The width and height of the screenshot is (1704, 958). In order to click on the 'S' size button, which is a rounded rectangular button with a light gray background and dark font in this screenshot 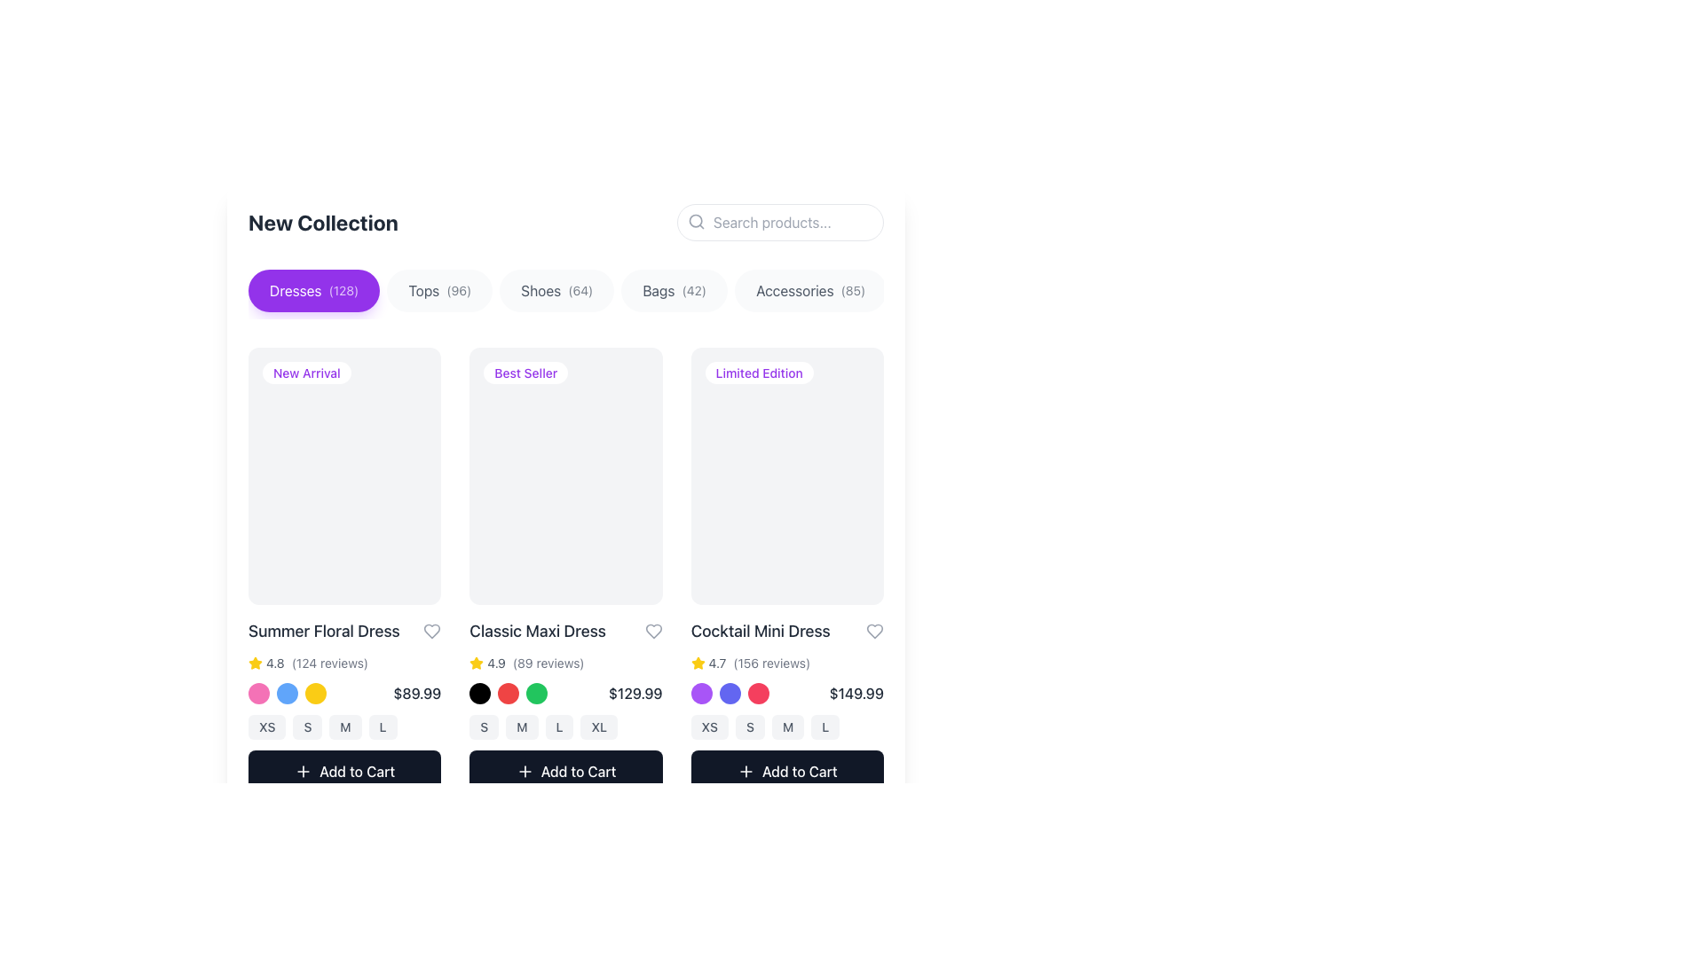, I will do `click(484, 726)`.